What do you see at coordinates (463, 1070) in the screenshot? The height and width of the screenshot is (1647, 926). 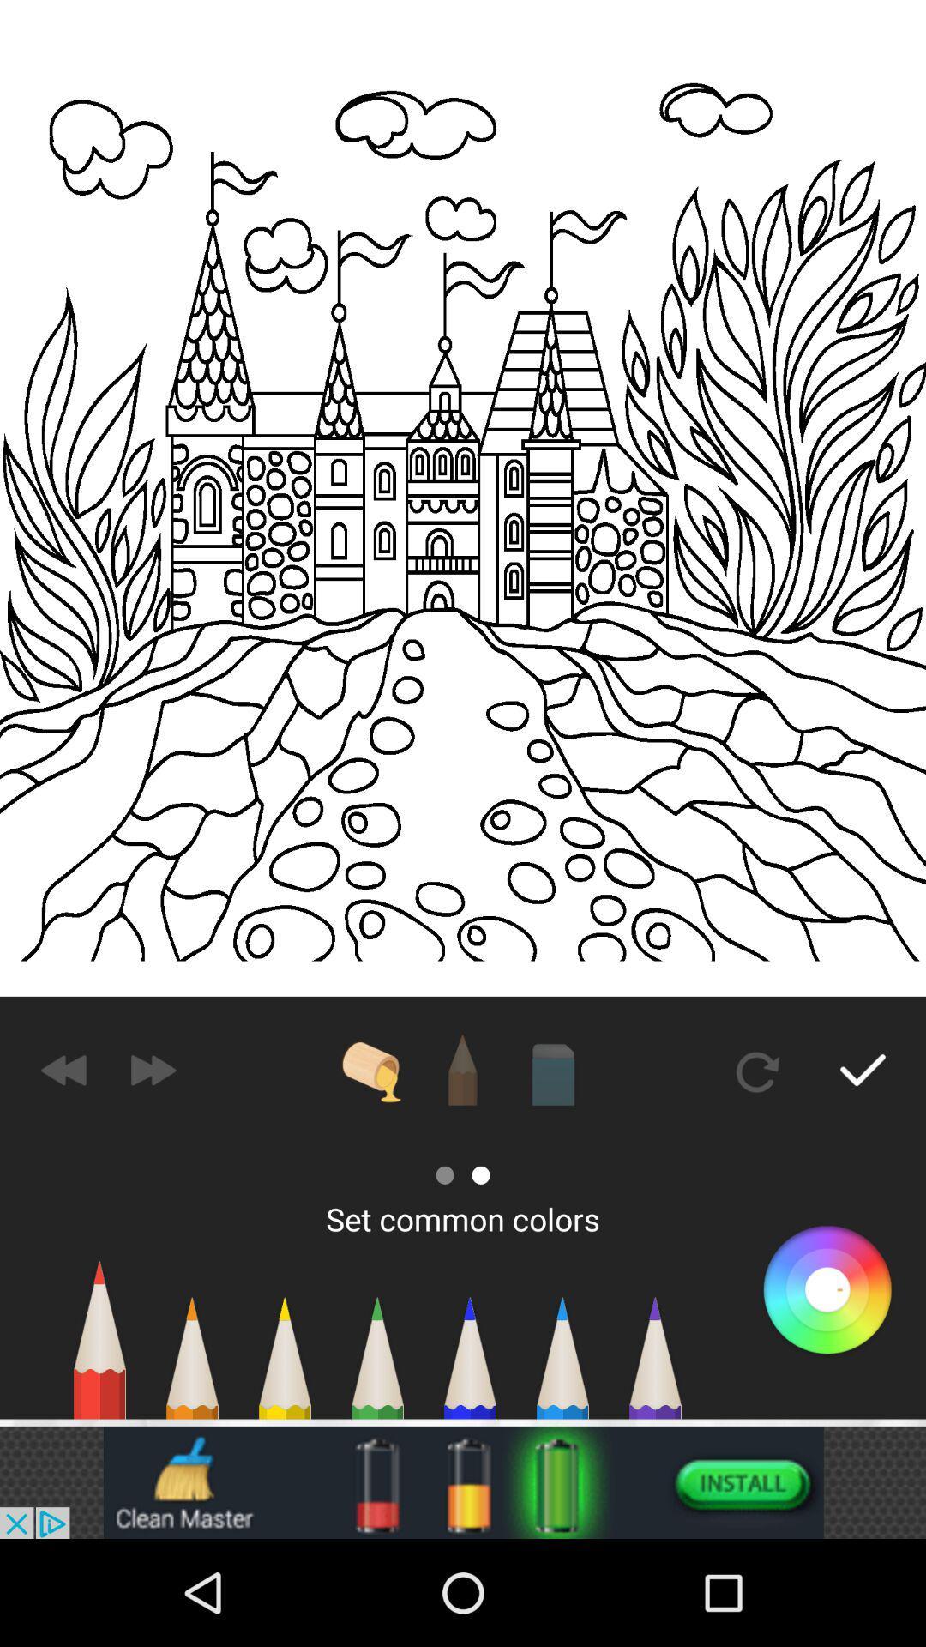 I see `the pencil icon below the picture` at bounding box center [463, 1070].